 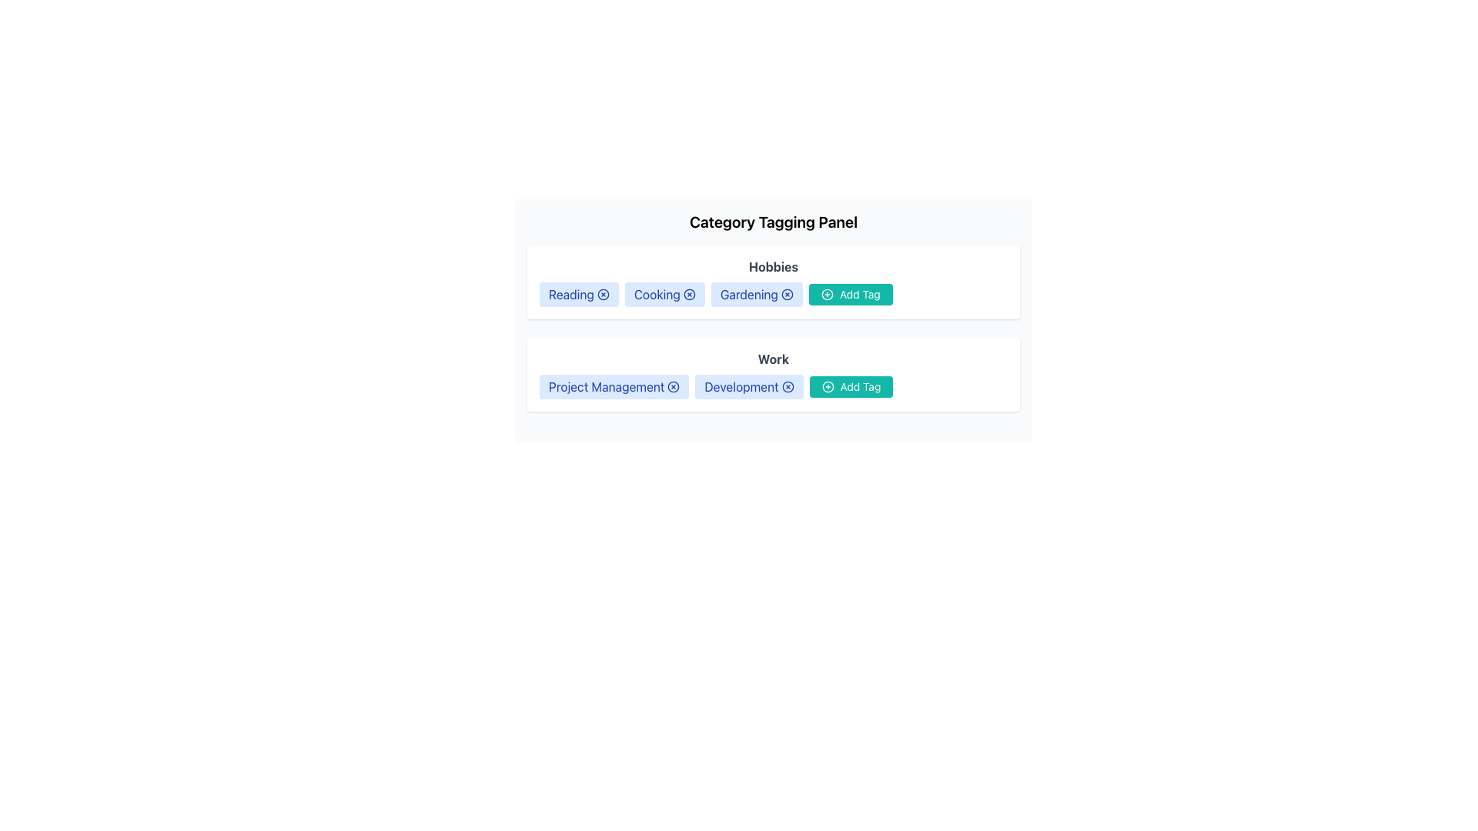 I want to click on the close/remove button for the 'Development' tag located in the 'Work' section of the 'Category Tagging Panel', so click(x=787, y=385).